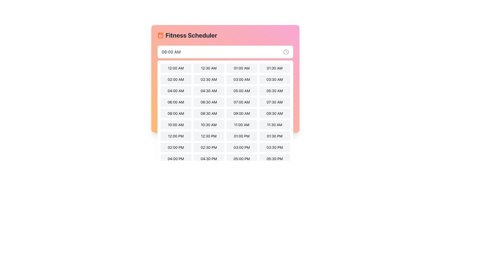 This screenshot has width=494, height=278. Describe the element at coordinates (171, 52) in the screenshot. I see `the static text element displaying '06:00 AM', which is styled in gray and located within a time selection input box` at that location.